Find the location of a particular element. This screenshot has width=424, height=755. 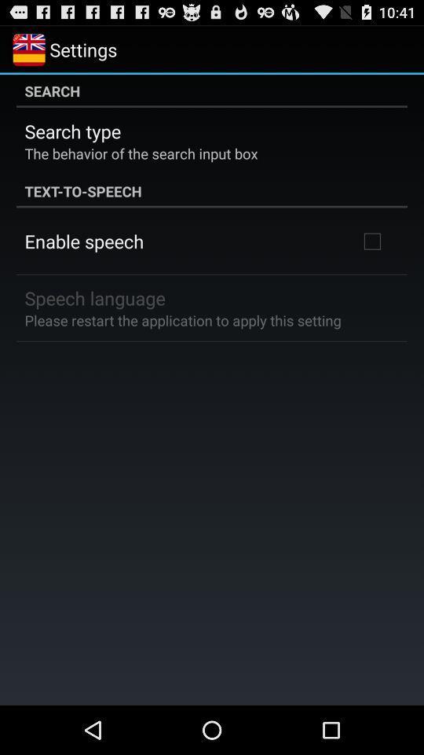

the speech language on the left is located at coordinates (95, 296).